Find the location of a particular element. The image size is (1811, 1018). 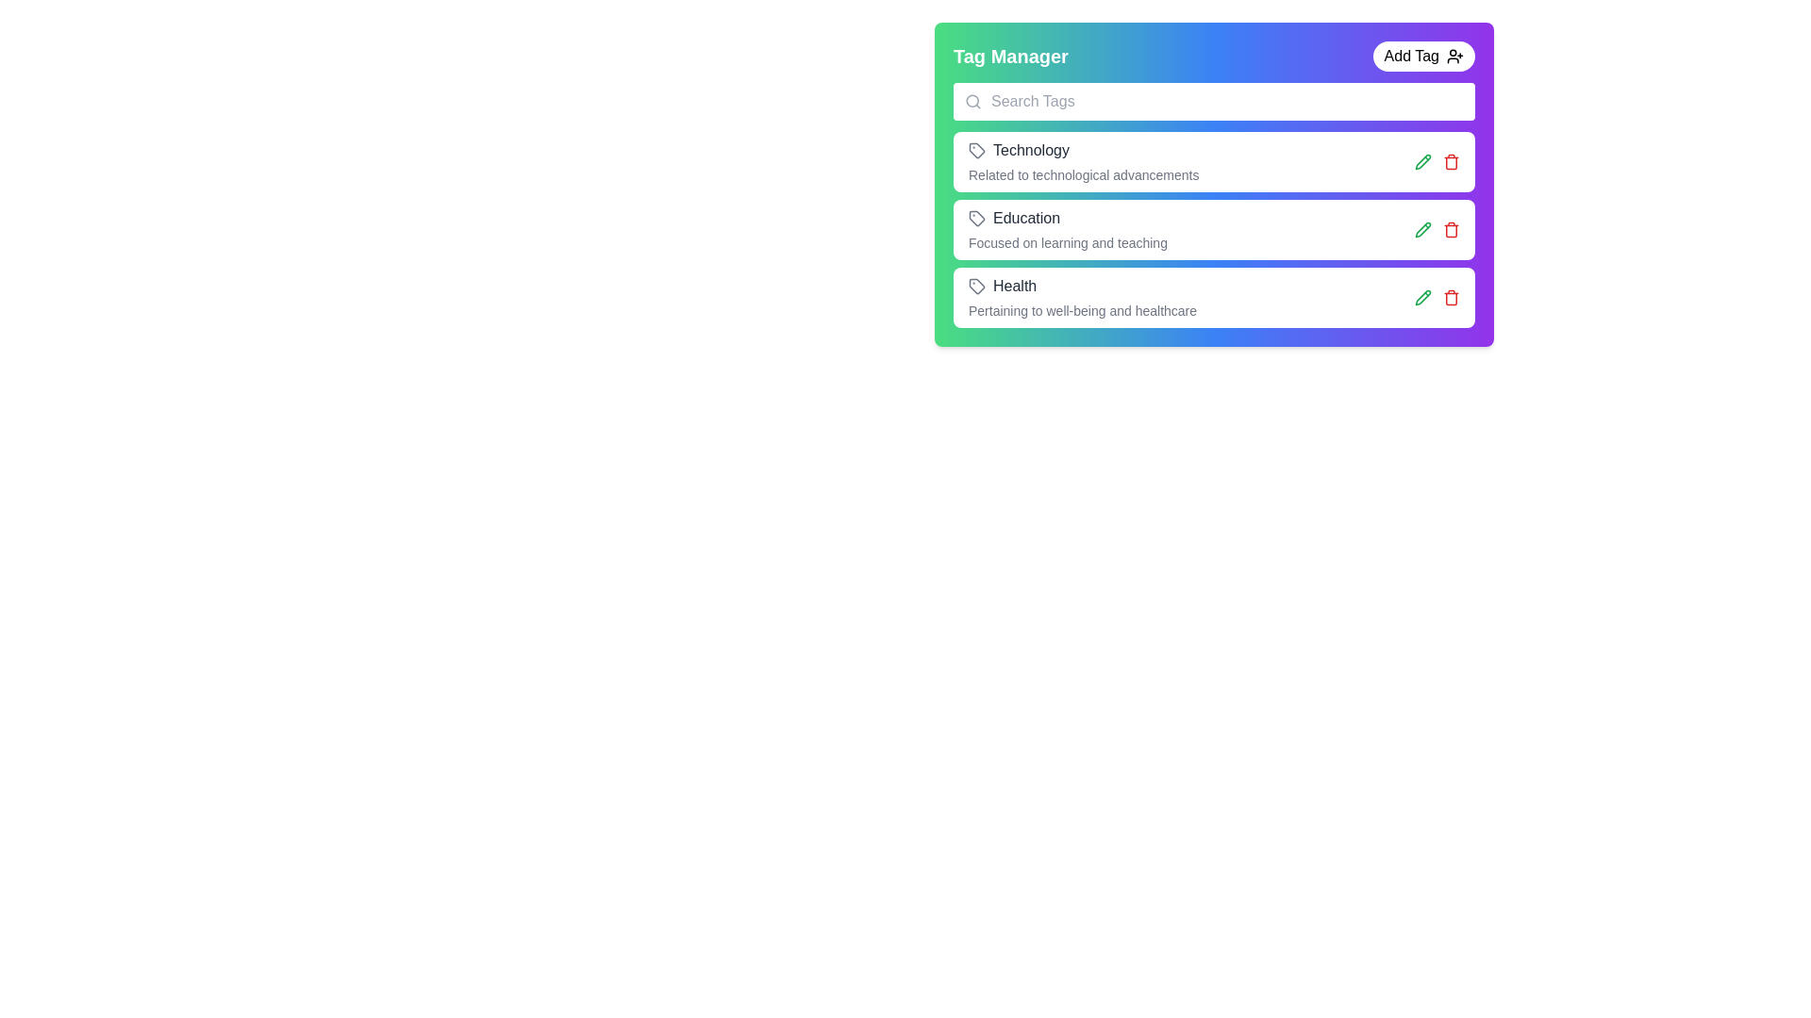

the education label located in the Tag Manager interface, positioned under 'Technology' and above 'Health', with an accompanying icon on its left is located at coordinates (1025, 217).